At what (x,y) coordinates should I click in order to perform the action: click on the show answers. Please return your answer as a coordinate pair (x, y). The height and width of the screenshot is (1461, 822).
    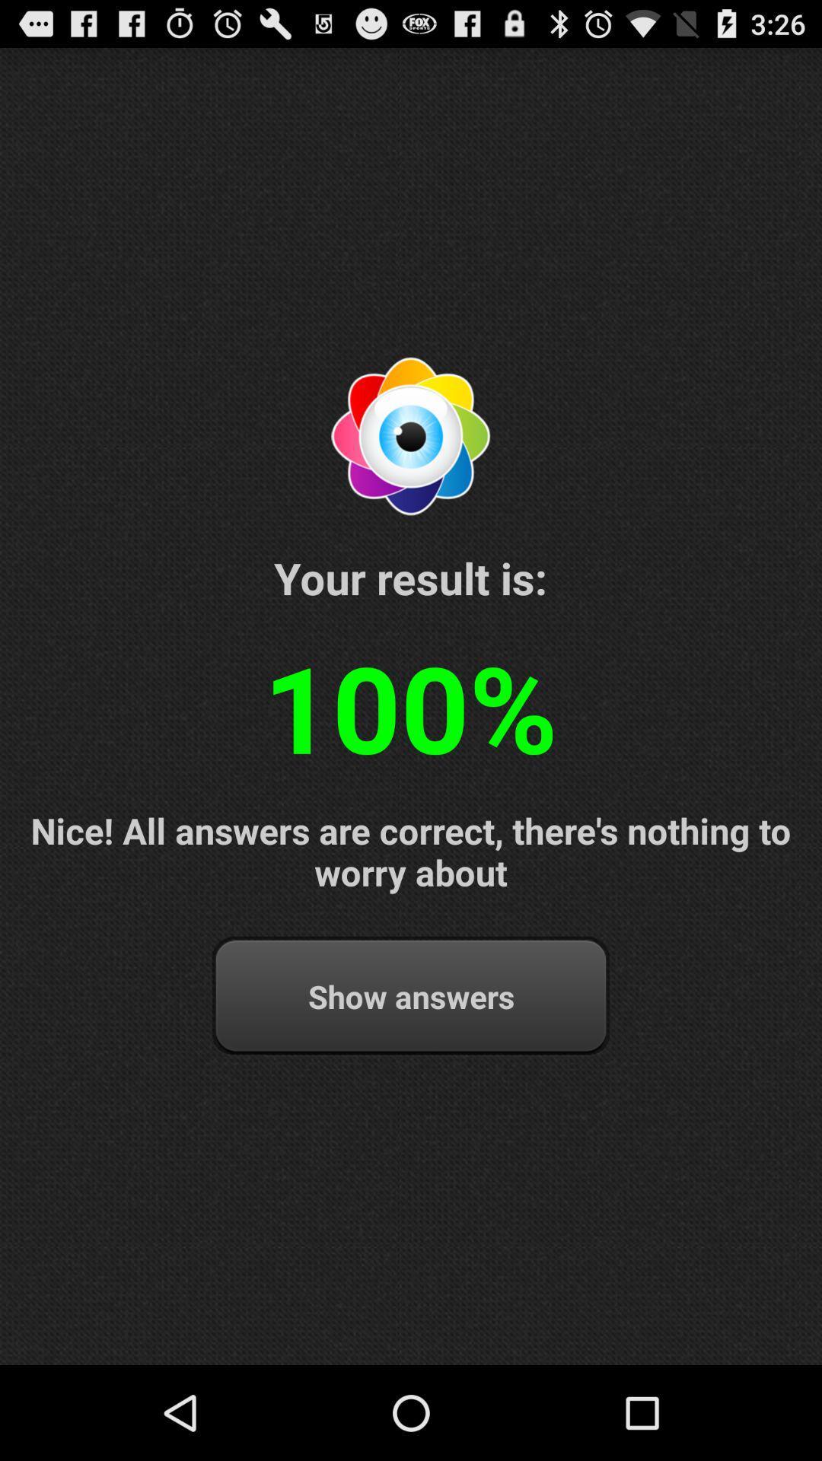
    Looking at the image, I should click on (411, 996).